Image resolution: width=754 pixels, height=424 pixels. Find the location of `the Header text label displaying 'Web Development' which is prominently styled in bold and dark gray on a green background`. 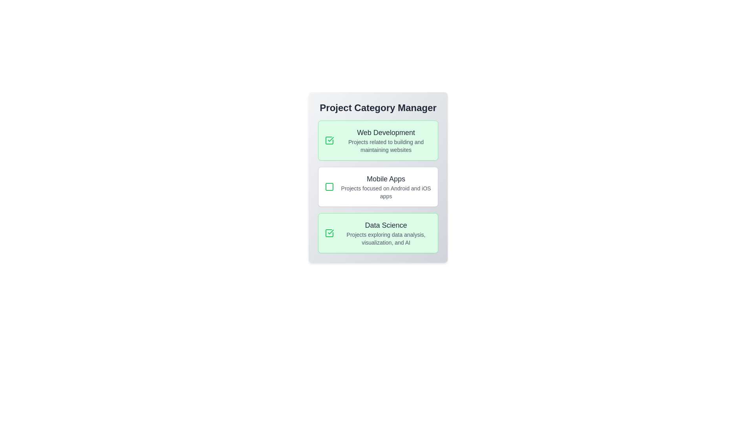

the Header text label displaying 'Web Development' which is prominently styled in bold and dark gray on a green background is located at coordinates (386, 132).